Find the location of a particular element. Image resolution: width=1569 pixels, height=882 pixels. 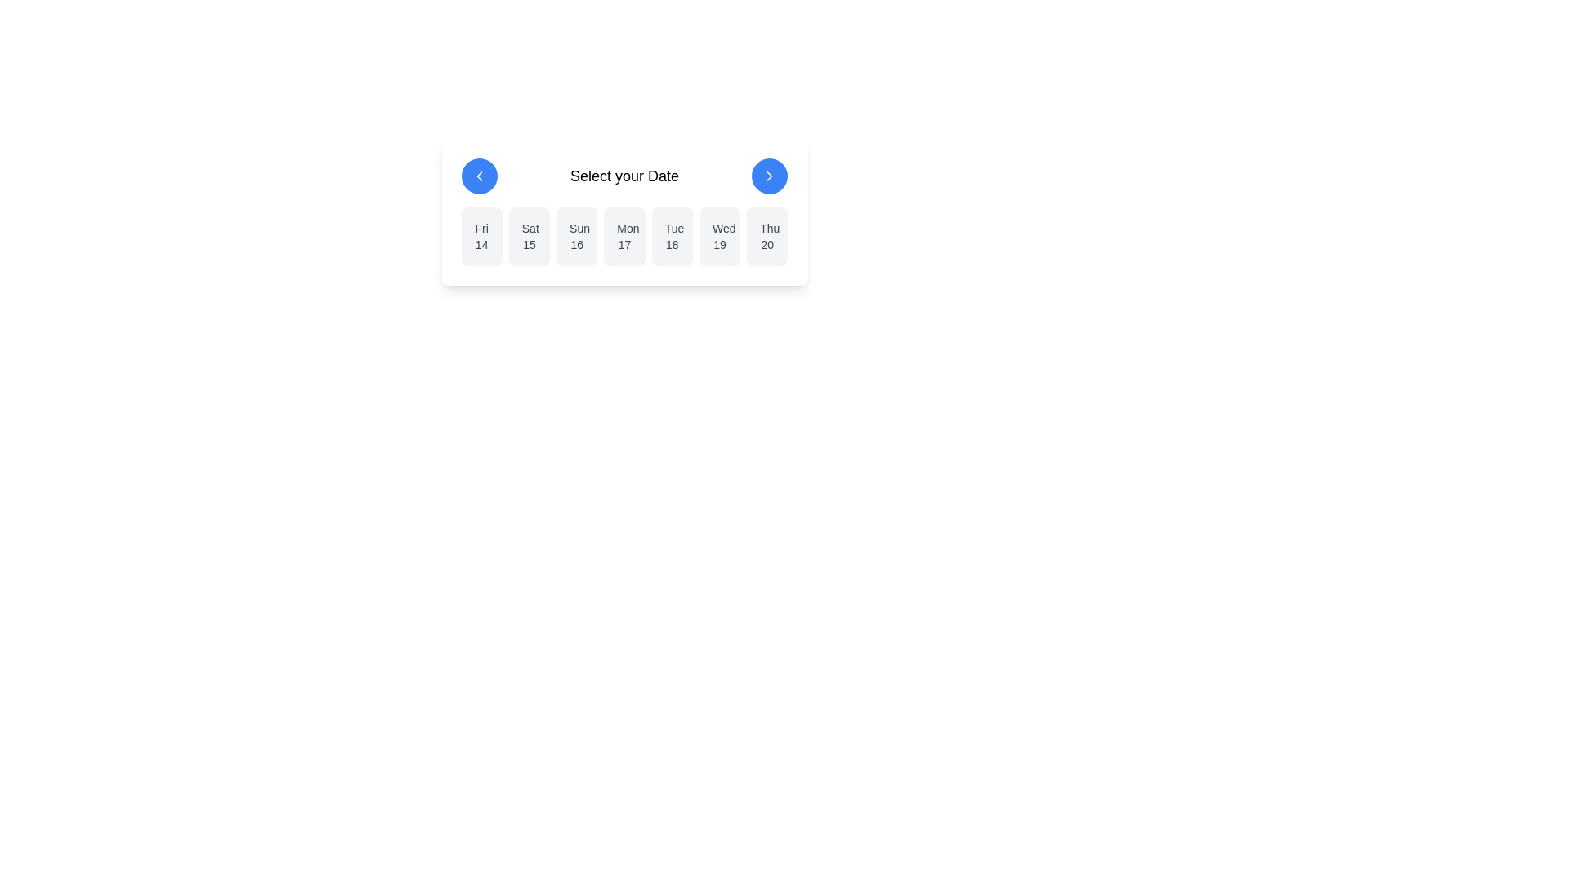

the button labeled 'Tue' with the date '18' is located at coordinates (672, 236).